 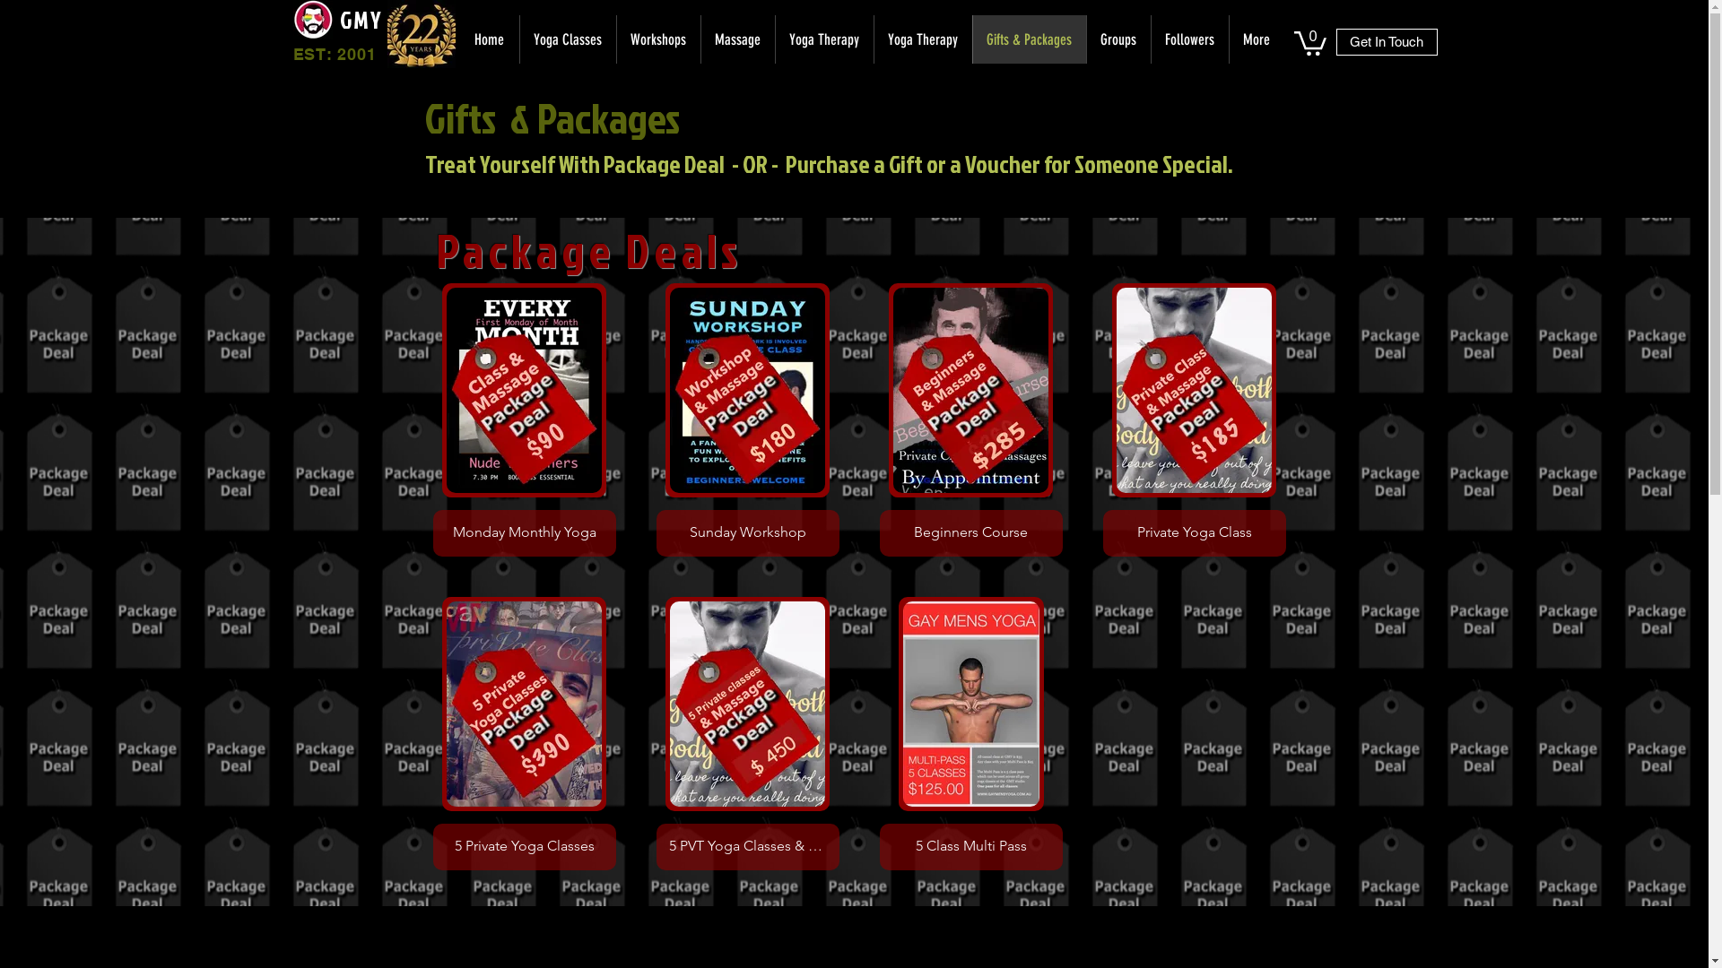 What do you see at coordinates (748, 419) in the screenshot?
I see `'Sunday Workshop` at bounding box center [748, 419].